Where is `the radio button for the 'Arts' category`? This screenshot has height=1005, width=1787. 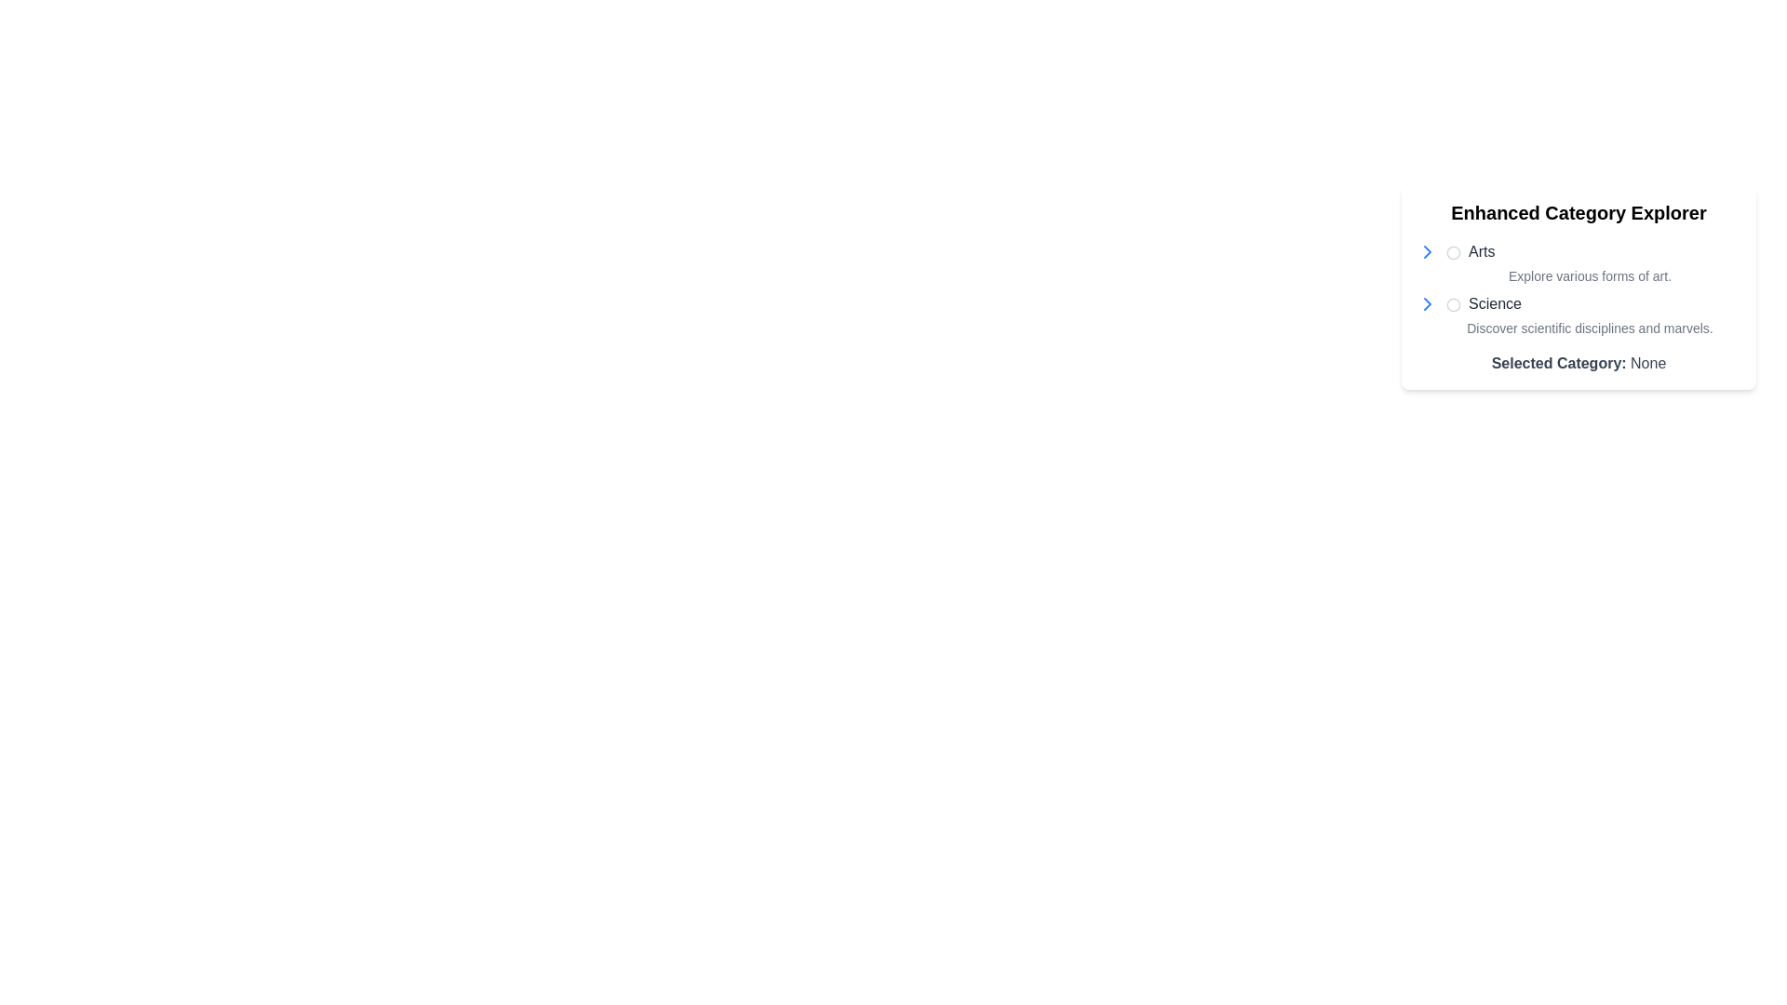 the radio button for the 'Arts' category is located at coordinates (1452, 251).